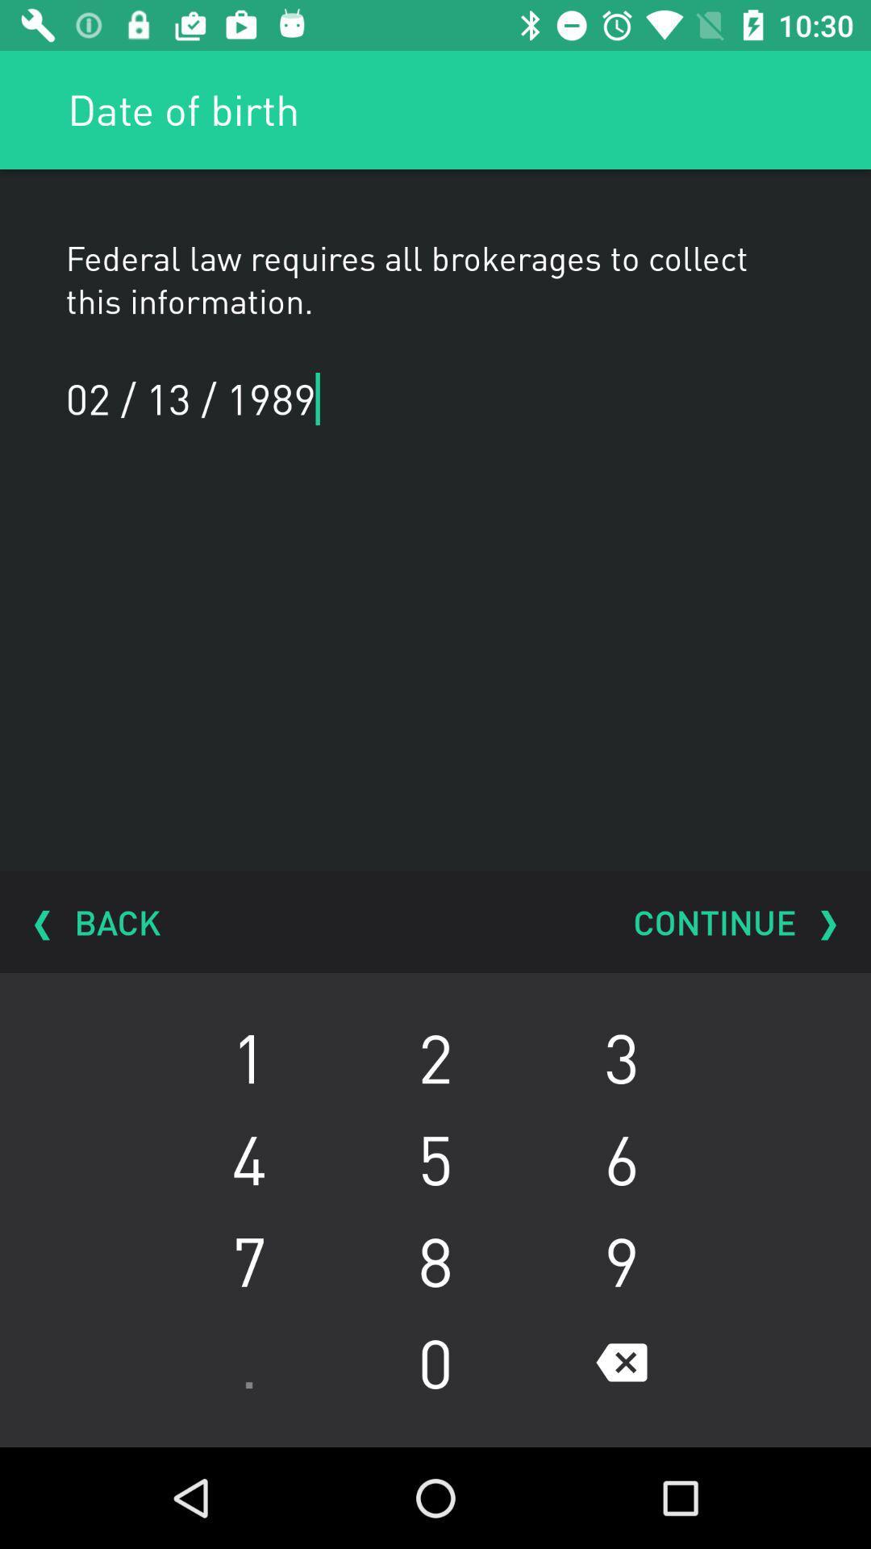  What do you see at coordinates (621, 1158) in the screenshot?
I see `item next to 2 icon` at bounding box center [621, 1158].